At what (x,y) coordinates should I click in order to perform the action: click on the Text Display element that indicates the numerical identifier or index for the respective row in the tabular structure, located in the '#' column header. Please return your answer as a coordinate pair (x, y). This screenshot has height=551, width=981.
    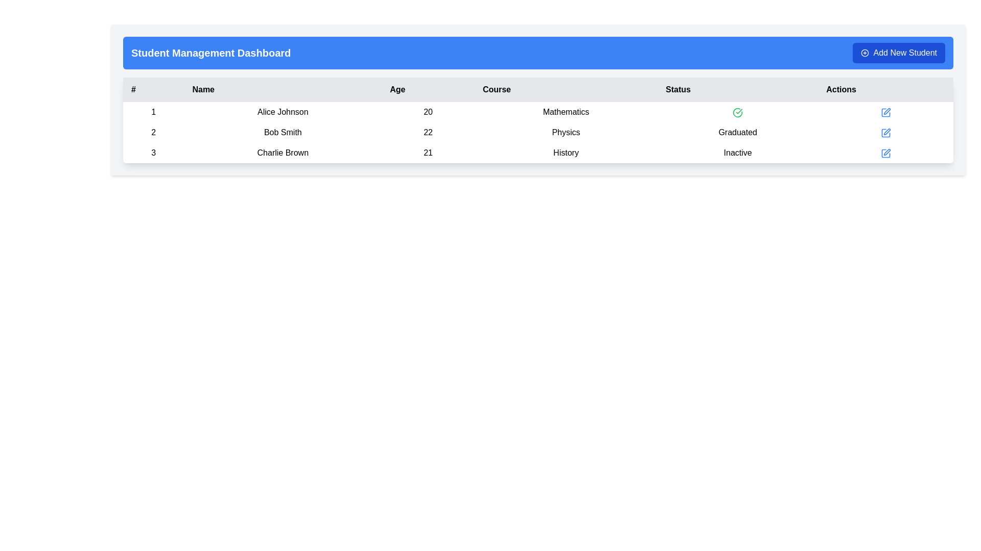
    Looking at the image, I should click on (153, 112).